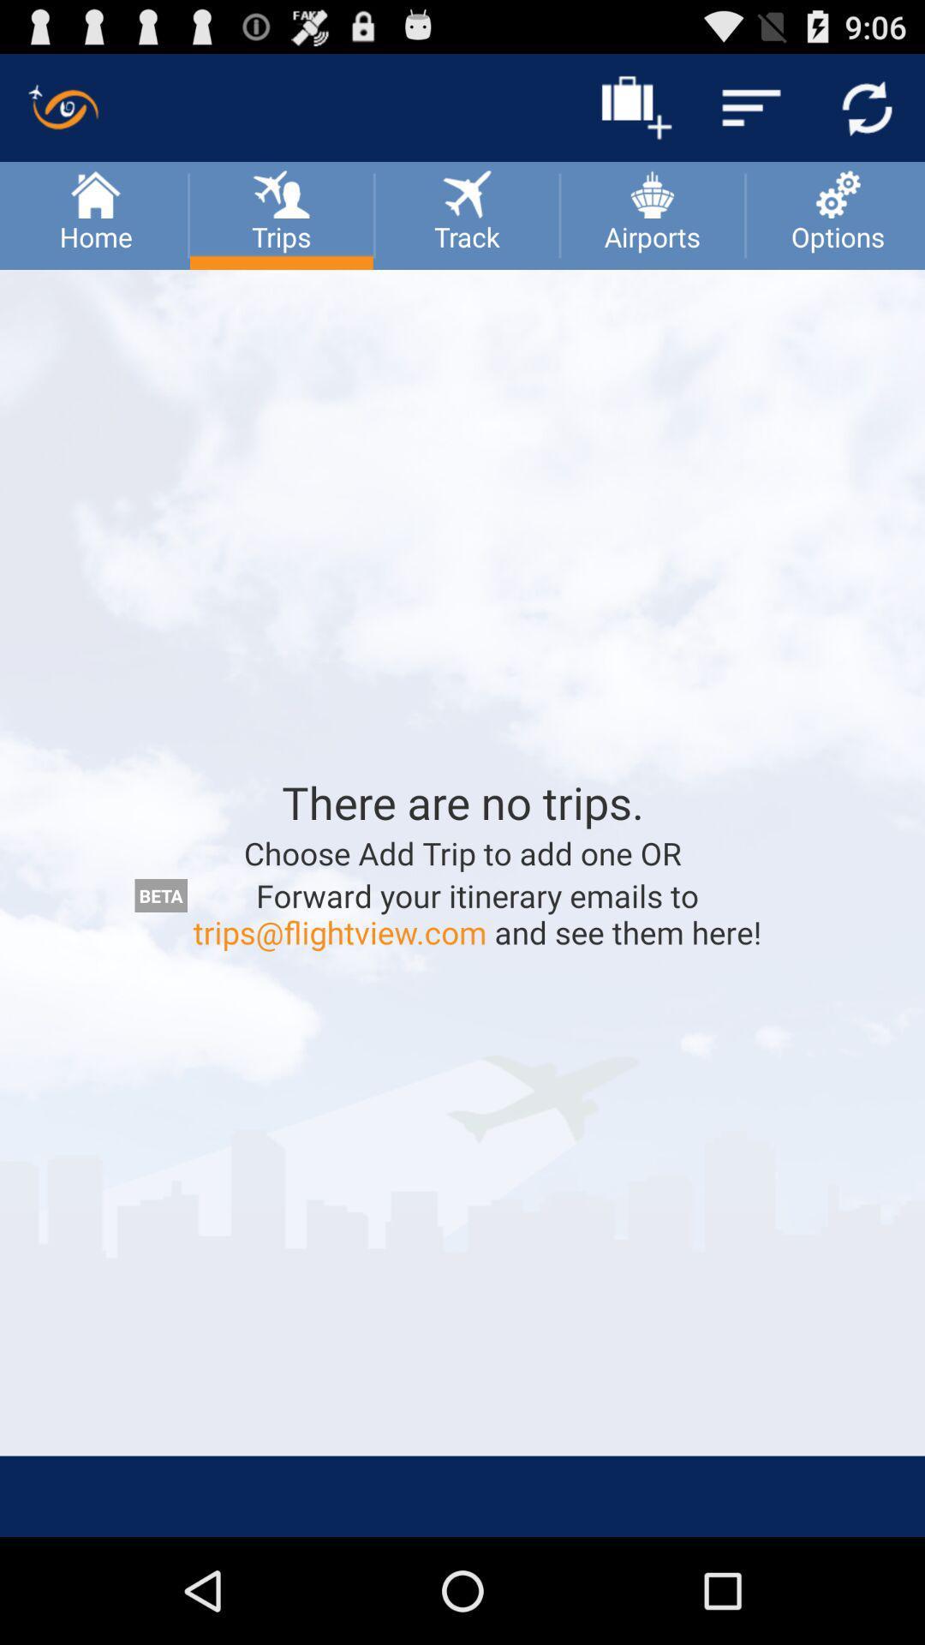  Describe the element at coordinates (834, 215) in the screenshot. I see `the option which is next to airports` at that location.